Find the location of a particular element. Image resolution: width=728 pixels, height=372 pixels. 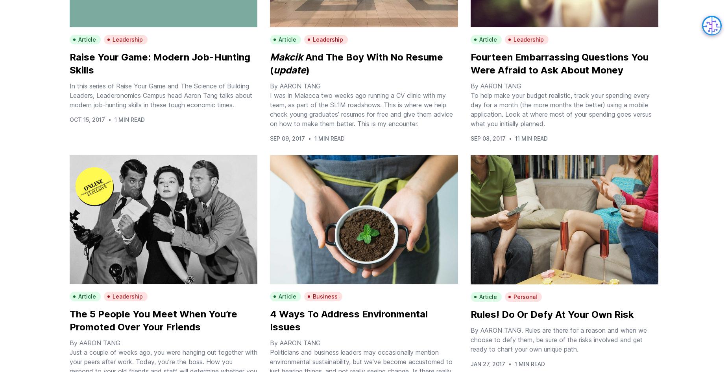

'update' is located at coordinates (289, 70).